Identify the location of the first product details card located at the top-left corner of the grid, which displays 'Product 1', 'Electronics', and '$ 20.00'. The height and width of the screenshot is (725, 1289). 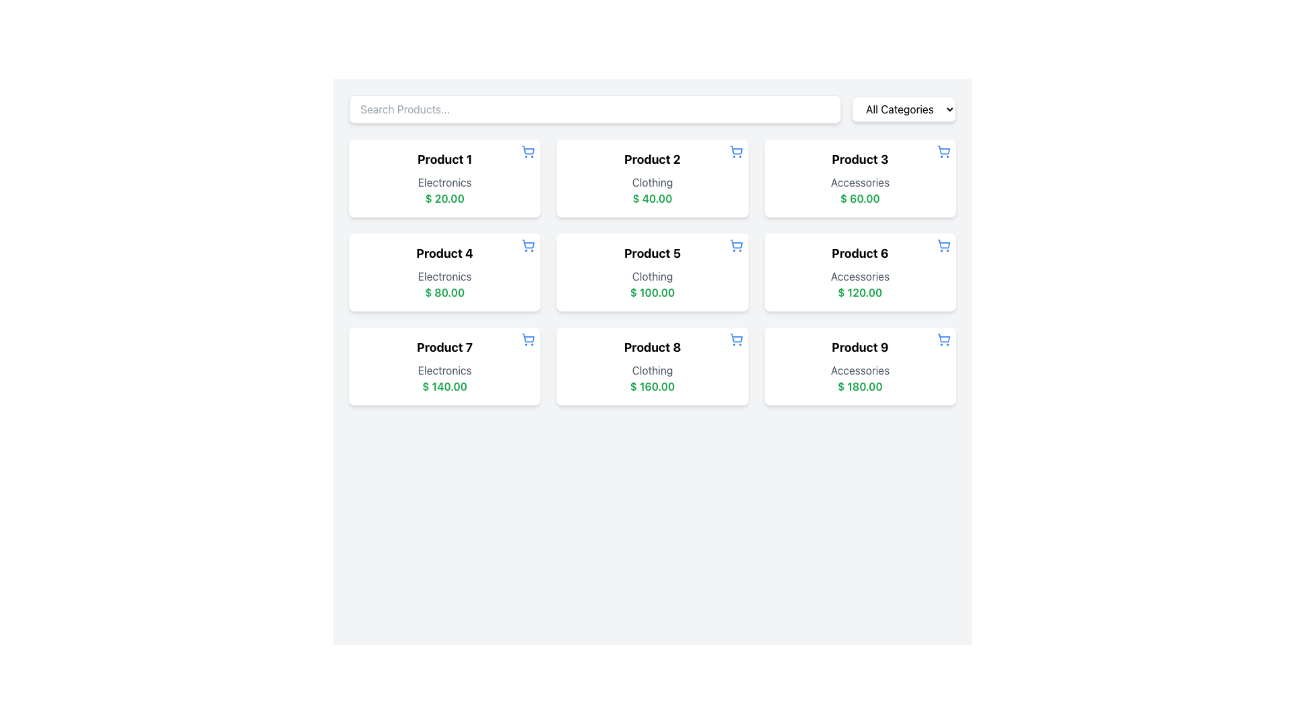
(444, 178).